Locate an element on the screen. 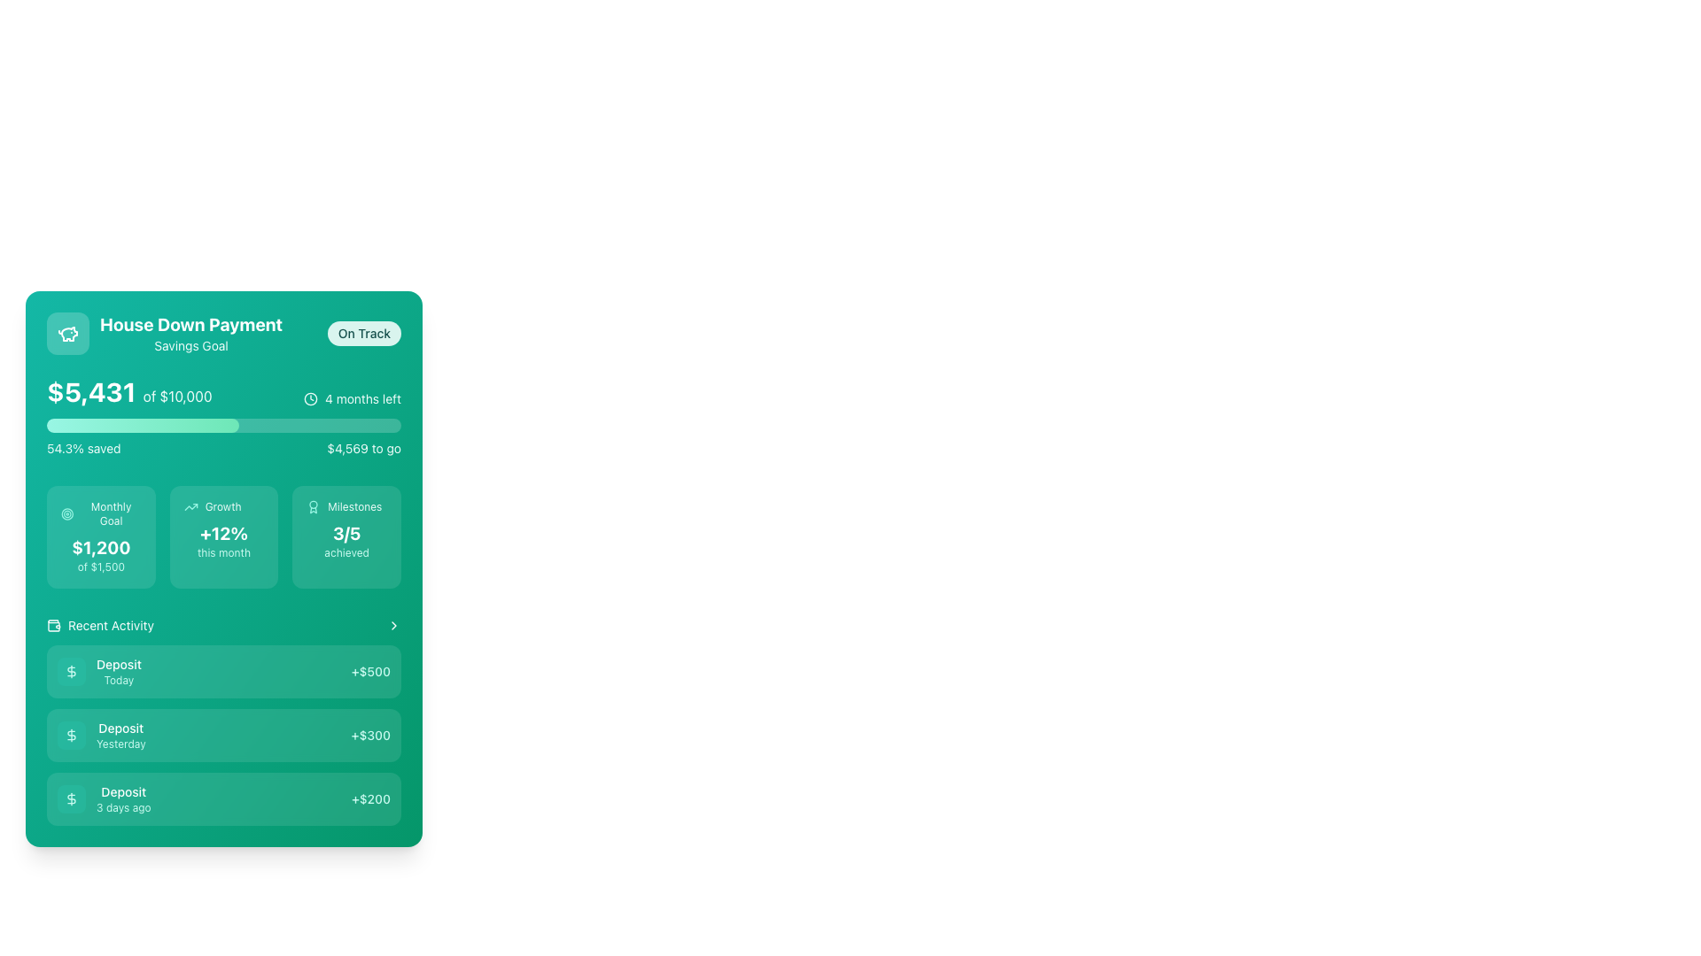 The image size is (1701, 956). the text label with an adjacent icon indicating milestones within the 'House Down Payment - Savings Goal' card is located at coordinates (346, 507).